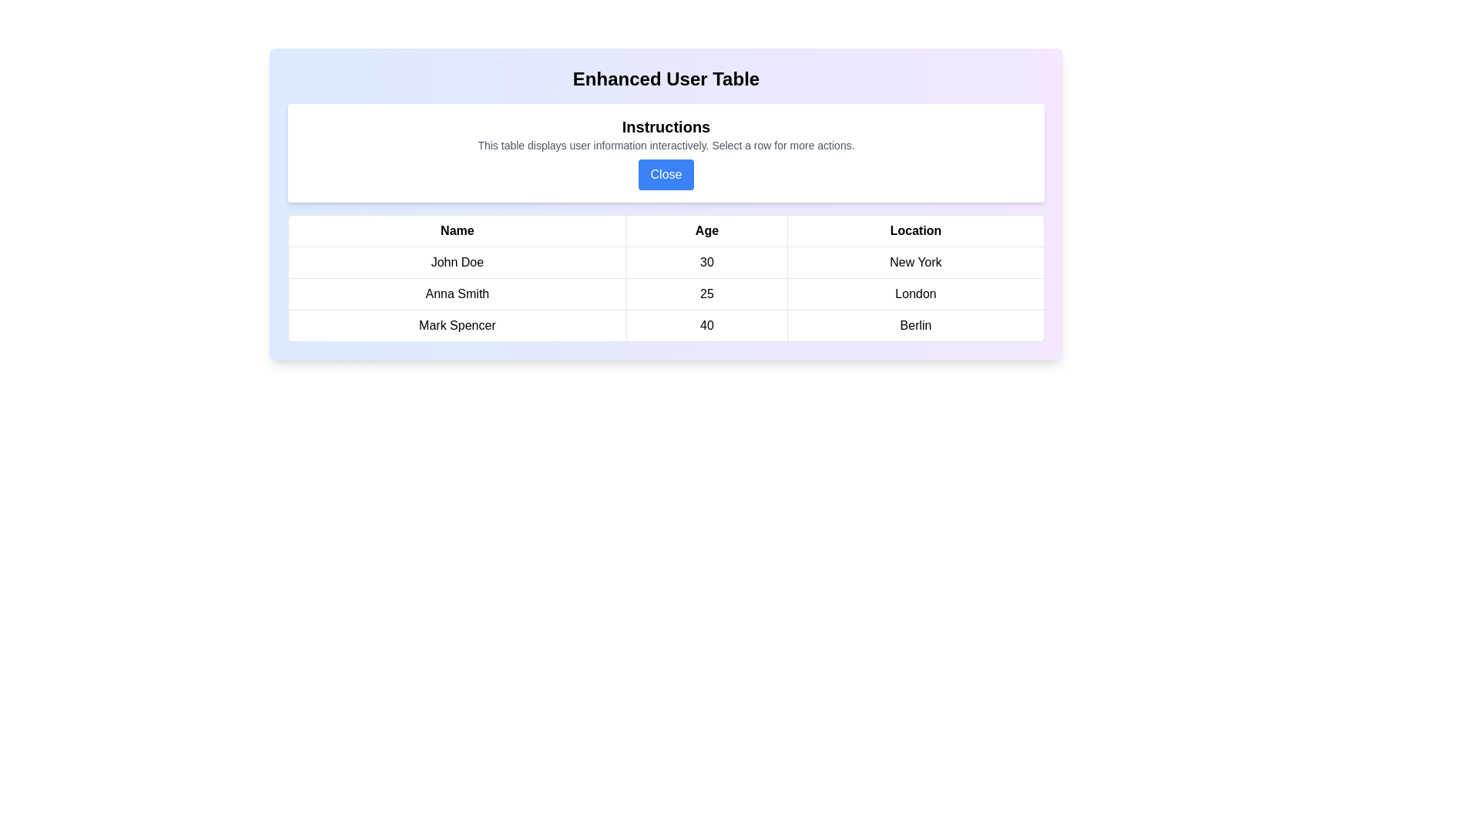 The image size is (1479, 832). What do you see at coordinates (706, 294) in the screenshot?
I see `value displayed in the Table Cell representing the age of user 'Anna Smith', which is located in the second row of the 'Age' column` at bounding box center [706, 294].